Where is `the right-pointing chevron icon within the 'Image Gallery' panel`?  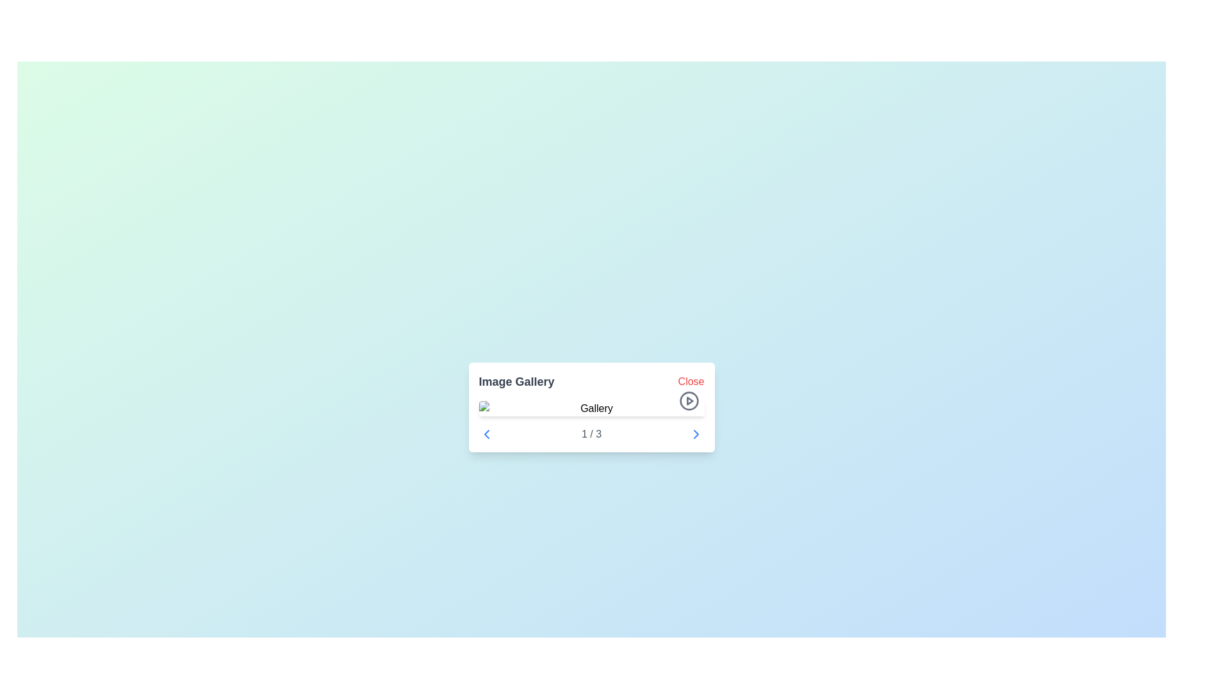
the right-pointing chevron icon within the 'Image Gallery' panel is located at coordinates (696, 434).